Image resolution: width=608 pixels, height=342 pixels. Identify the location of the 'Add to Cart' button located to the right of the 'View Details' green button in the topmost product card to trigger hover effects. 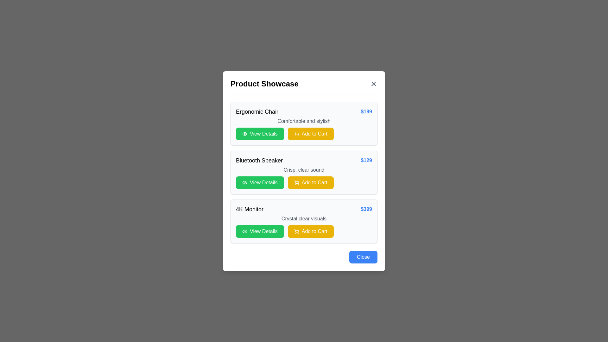
(311, 133).